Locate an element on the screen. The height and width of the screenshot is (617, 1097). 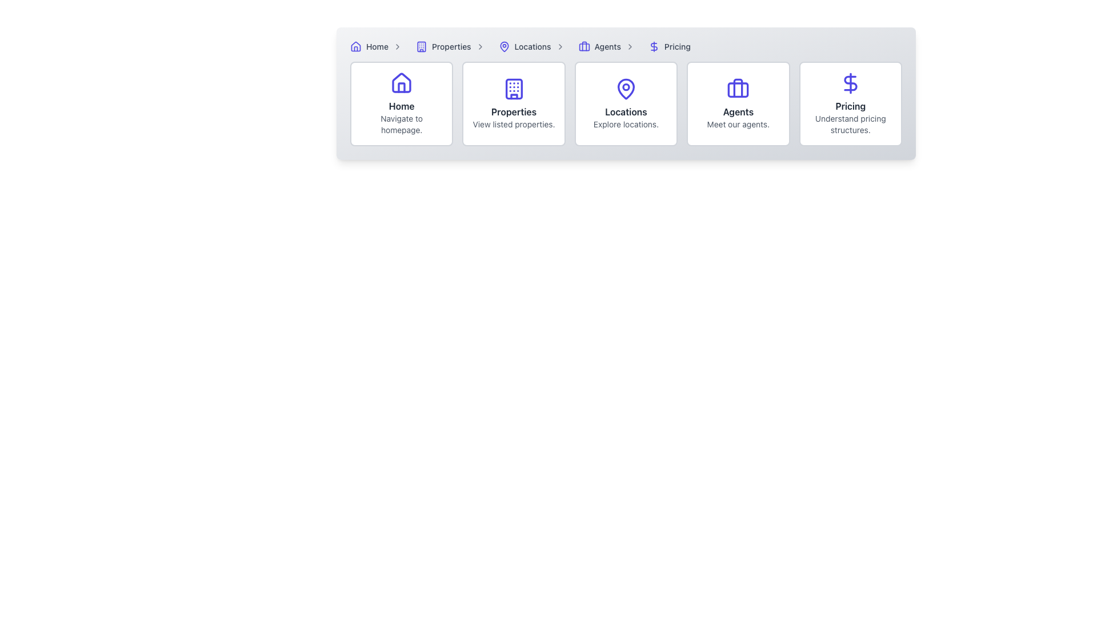
the directional indicator icon located immediately to the right of the 'Locations' text in the breadcrumb navigation sequence is located at coordinates (560, 46).